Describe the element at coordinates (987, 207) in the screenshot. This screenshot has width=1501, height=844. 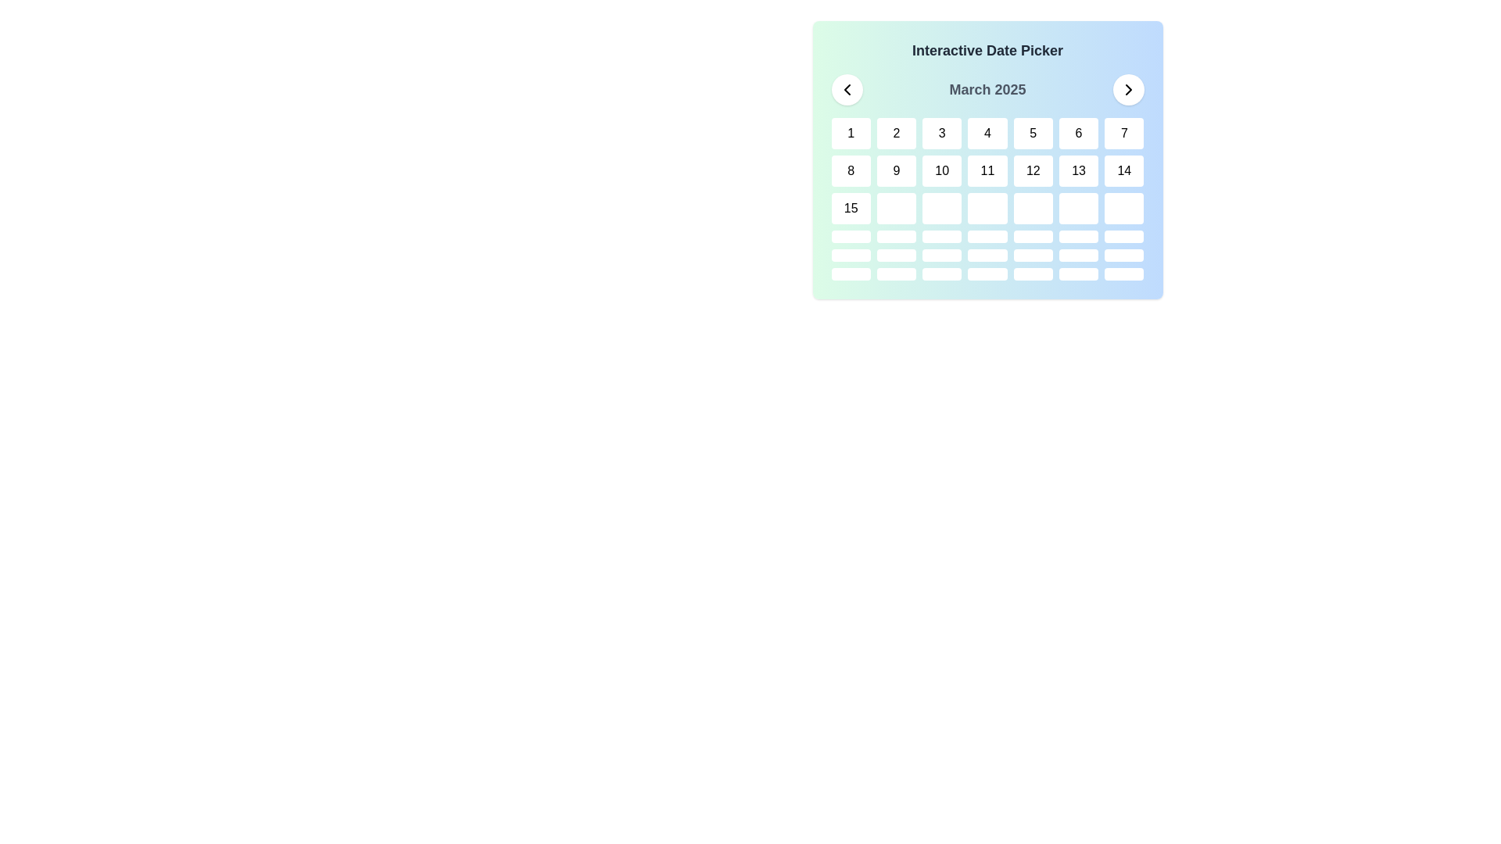
I see `the interactive button in the date picker interface located in the fourth column of the fourth row to trigger a hover effect` at that location.